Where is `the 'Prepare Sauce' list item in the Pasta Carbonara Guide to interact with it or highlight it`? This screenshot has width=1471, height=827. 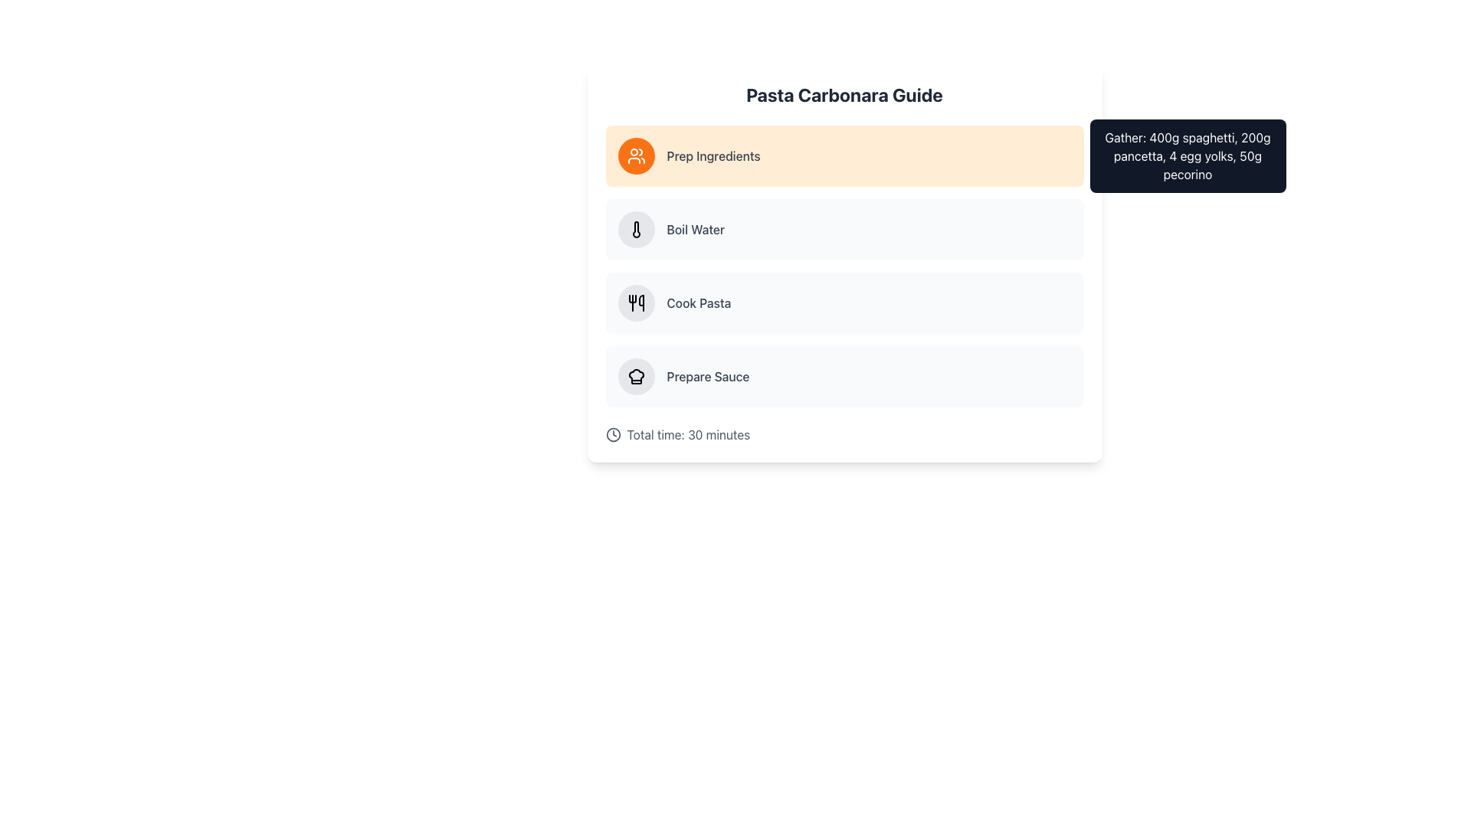 the 'Prepare Sauce' list item in the Pasta Carbonara Guide to interact with it or highlight it is located at coordinates (844, 377).